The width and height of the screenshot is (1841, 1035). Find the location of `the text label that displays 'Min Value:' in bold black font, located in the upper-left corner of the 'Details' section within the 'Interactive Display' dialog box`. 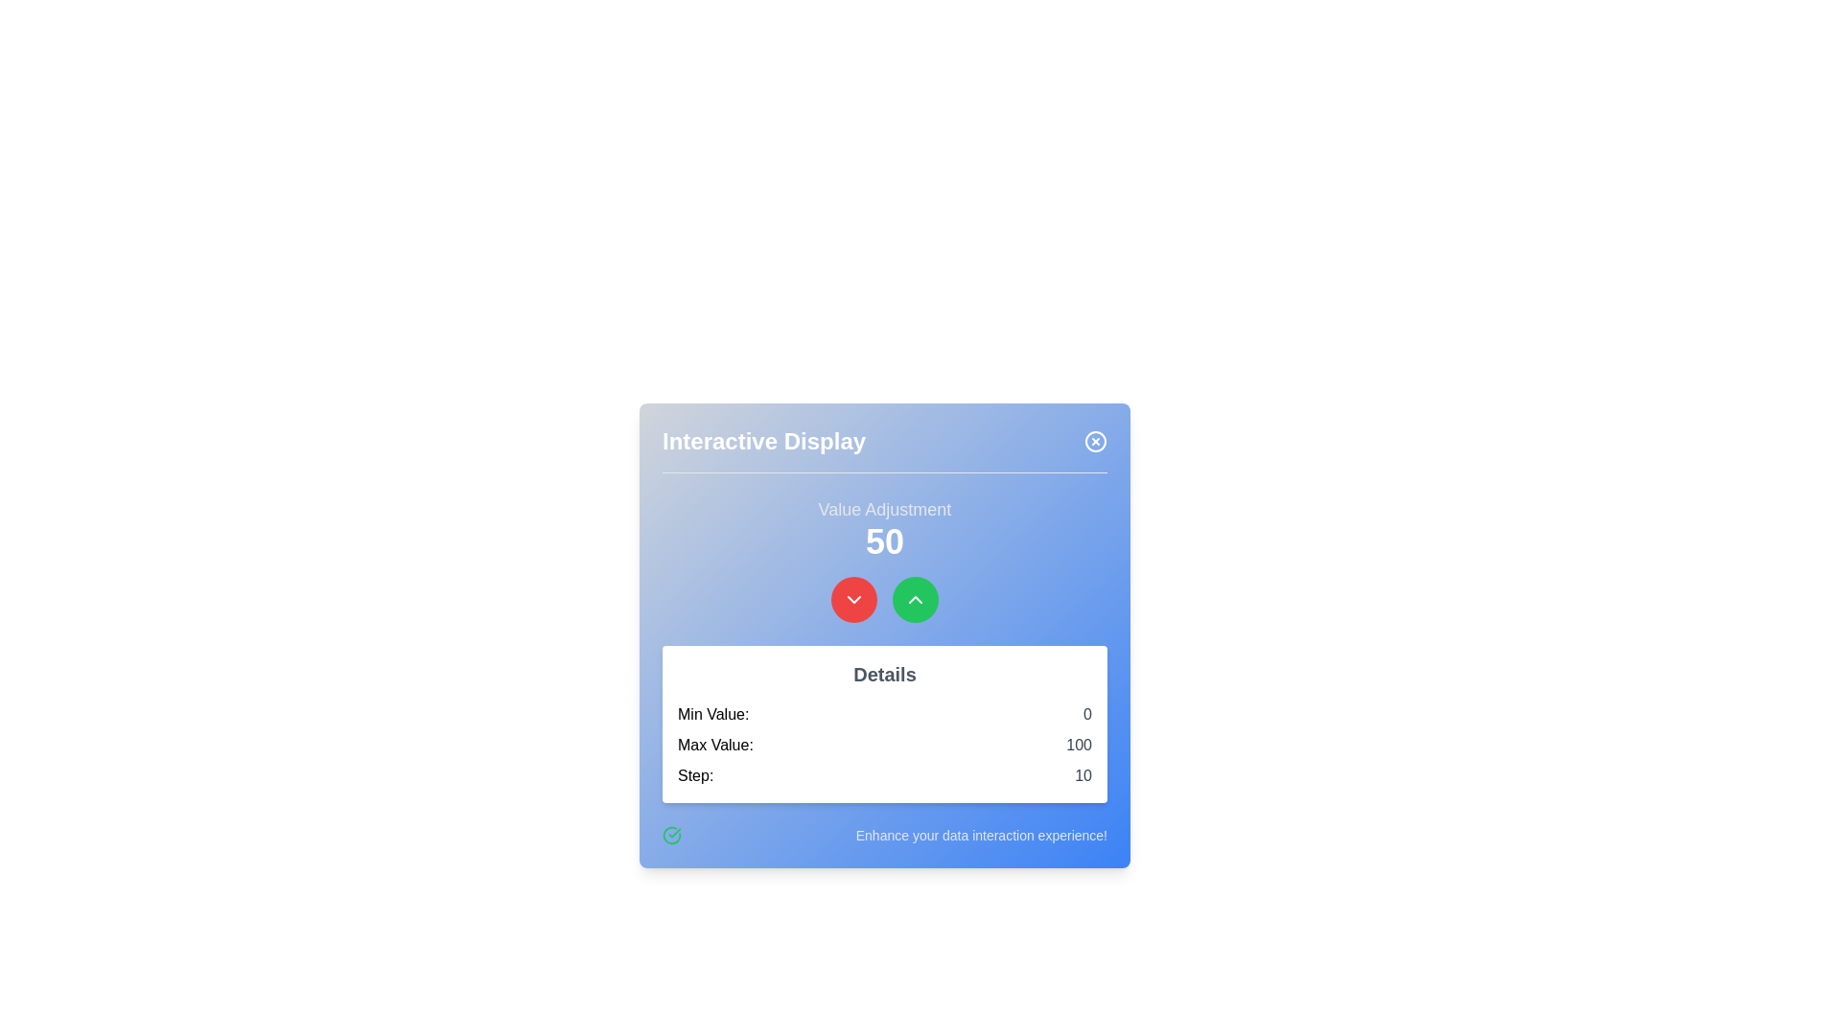

the text label that displays 'Min Value:' in bold black font, located in the upper-left corner of the 'Details' section within the 'Interactive Display' dialog box is located at coordinates (712, 714).